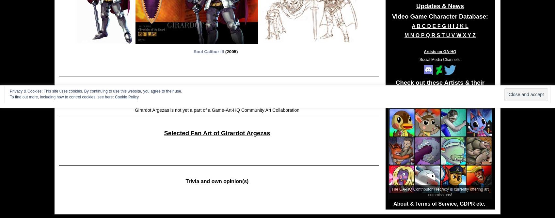 The image size is (555, 218). Describe the element at coordinates (439, 35) in the screenshot. I see `'S'` at that location.